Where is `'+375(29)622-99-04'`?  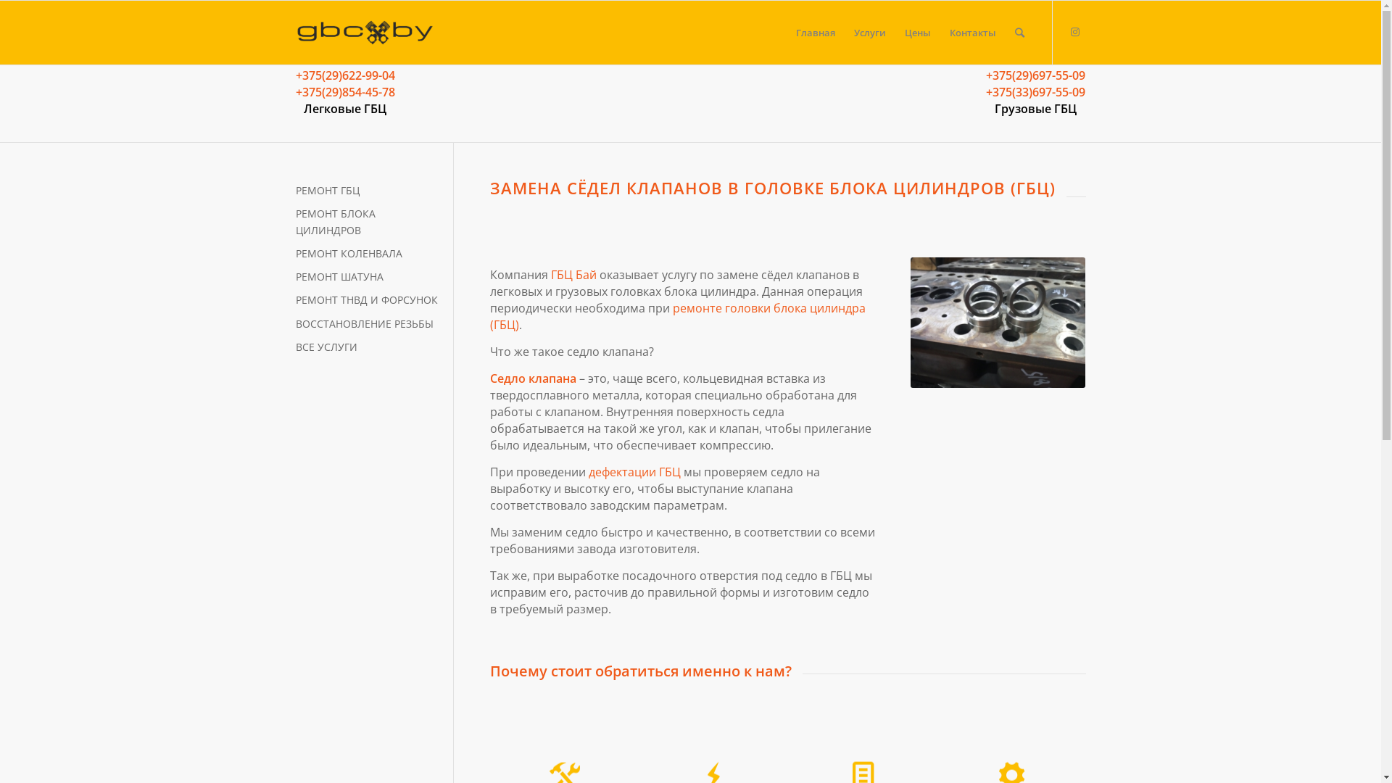
'+375(29)622-99-04' is located at coordinates (344, 75).